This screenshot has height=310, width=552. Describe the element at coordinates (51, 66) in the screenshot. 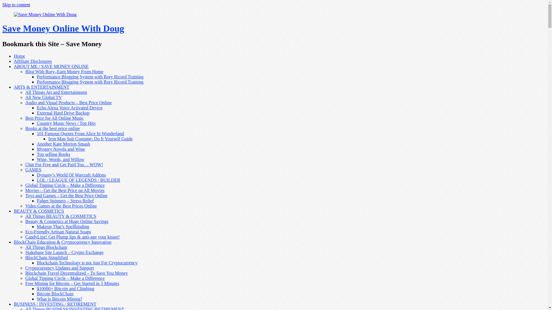

I see `'ABOUT ME / SAVE MONEY ONLINE'` at that location.